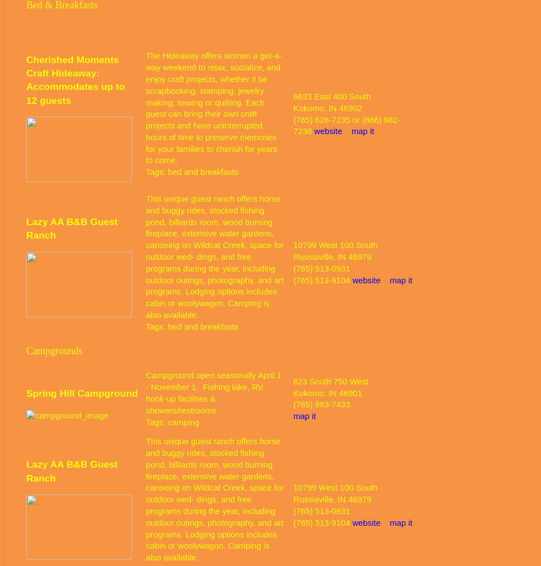 This screenshot has height=566, width=541. Describe the element at coordinates (54, 350) in the screenshot. I see `'Campgrounds'` at that location.